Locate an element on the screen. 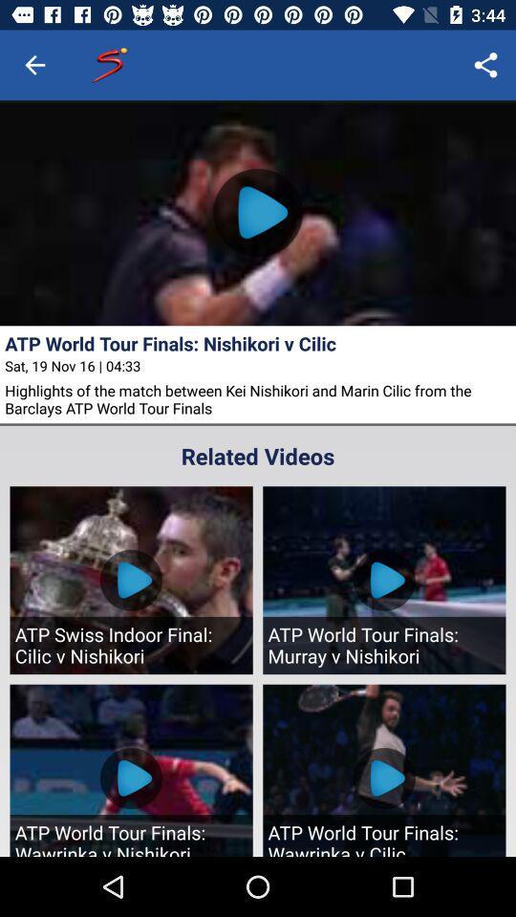  the image which is at bottom right corner is located at coordinates (384, 770).